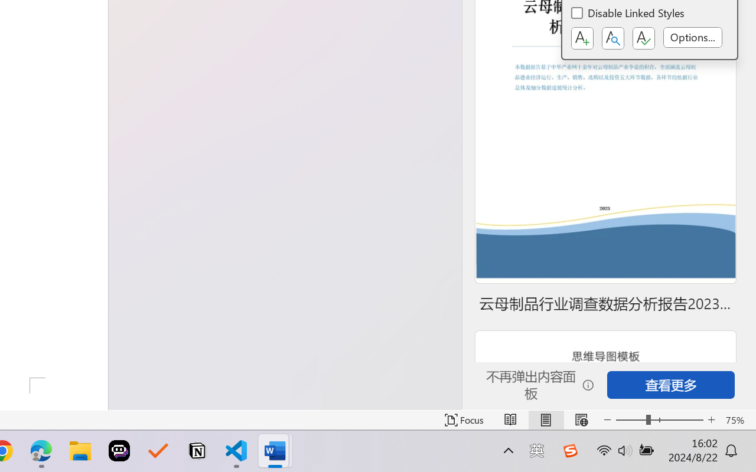 The width and height of the screenshot is (756, 472). Describe the element at coordinates (692, 37) in the screenshot. I see `'Options...'` at that location.